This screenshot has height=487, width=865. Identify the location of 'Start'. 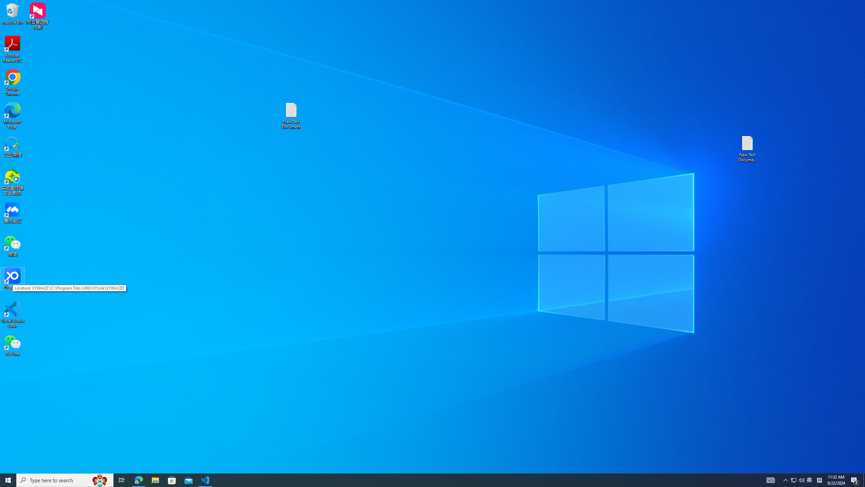
(8, 480).